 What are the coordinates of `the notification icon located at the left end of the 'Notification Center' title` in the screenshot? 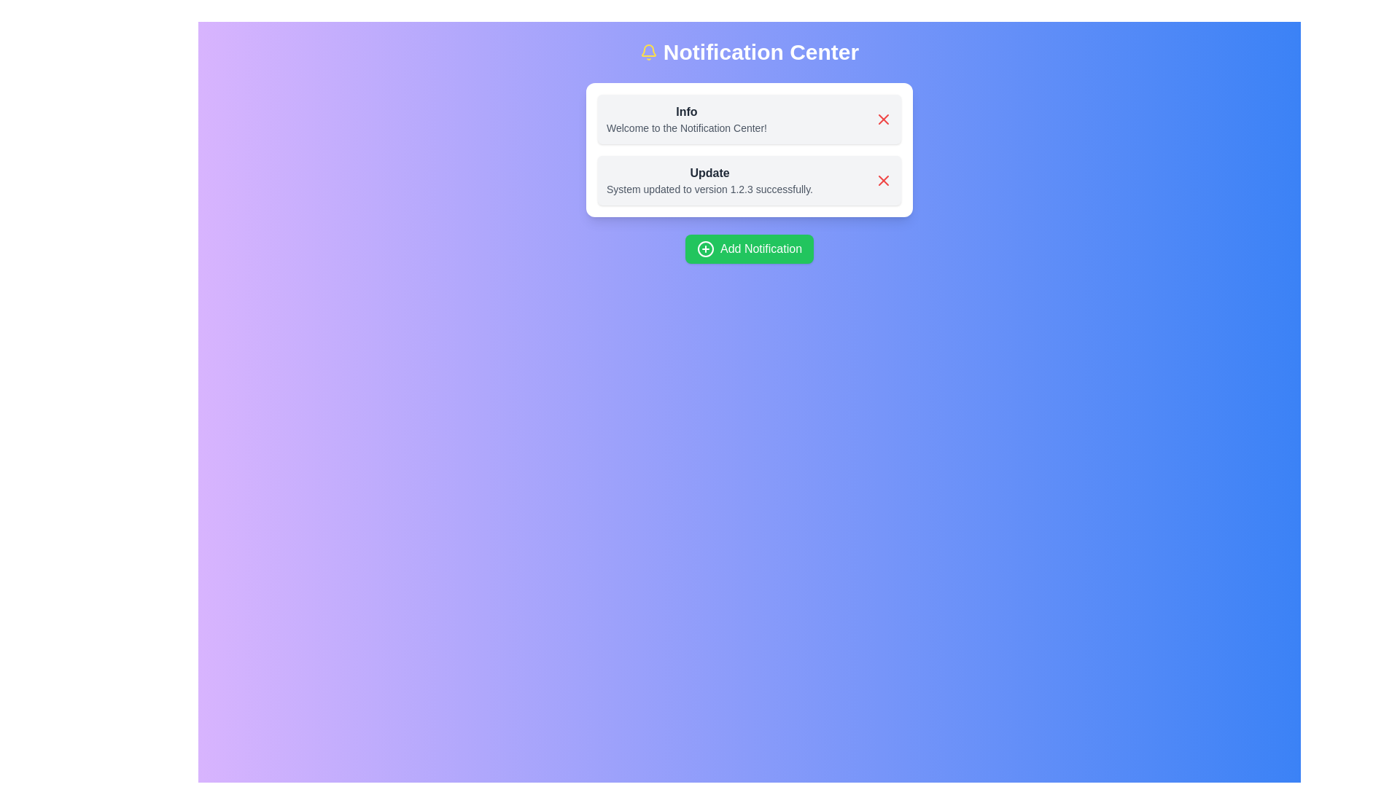 It's located at (647, 52).